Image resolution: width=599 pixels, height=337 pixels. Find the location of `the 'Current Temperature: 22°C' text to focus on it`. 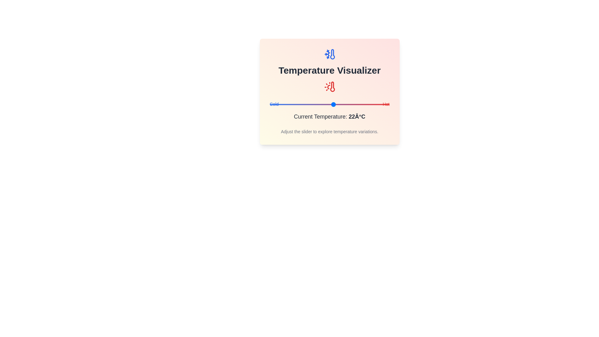

the 'Current Temperature: 22°C' text to focus on it is located at coordinates (329, 117).